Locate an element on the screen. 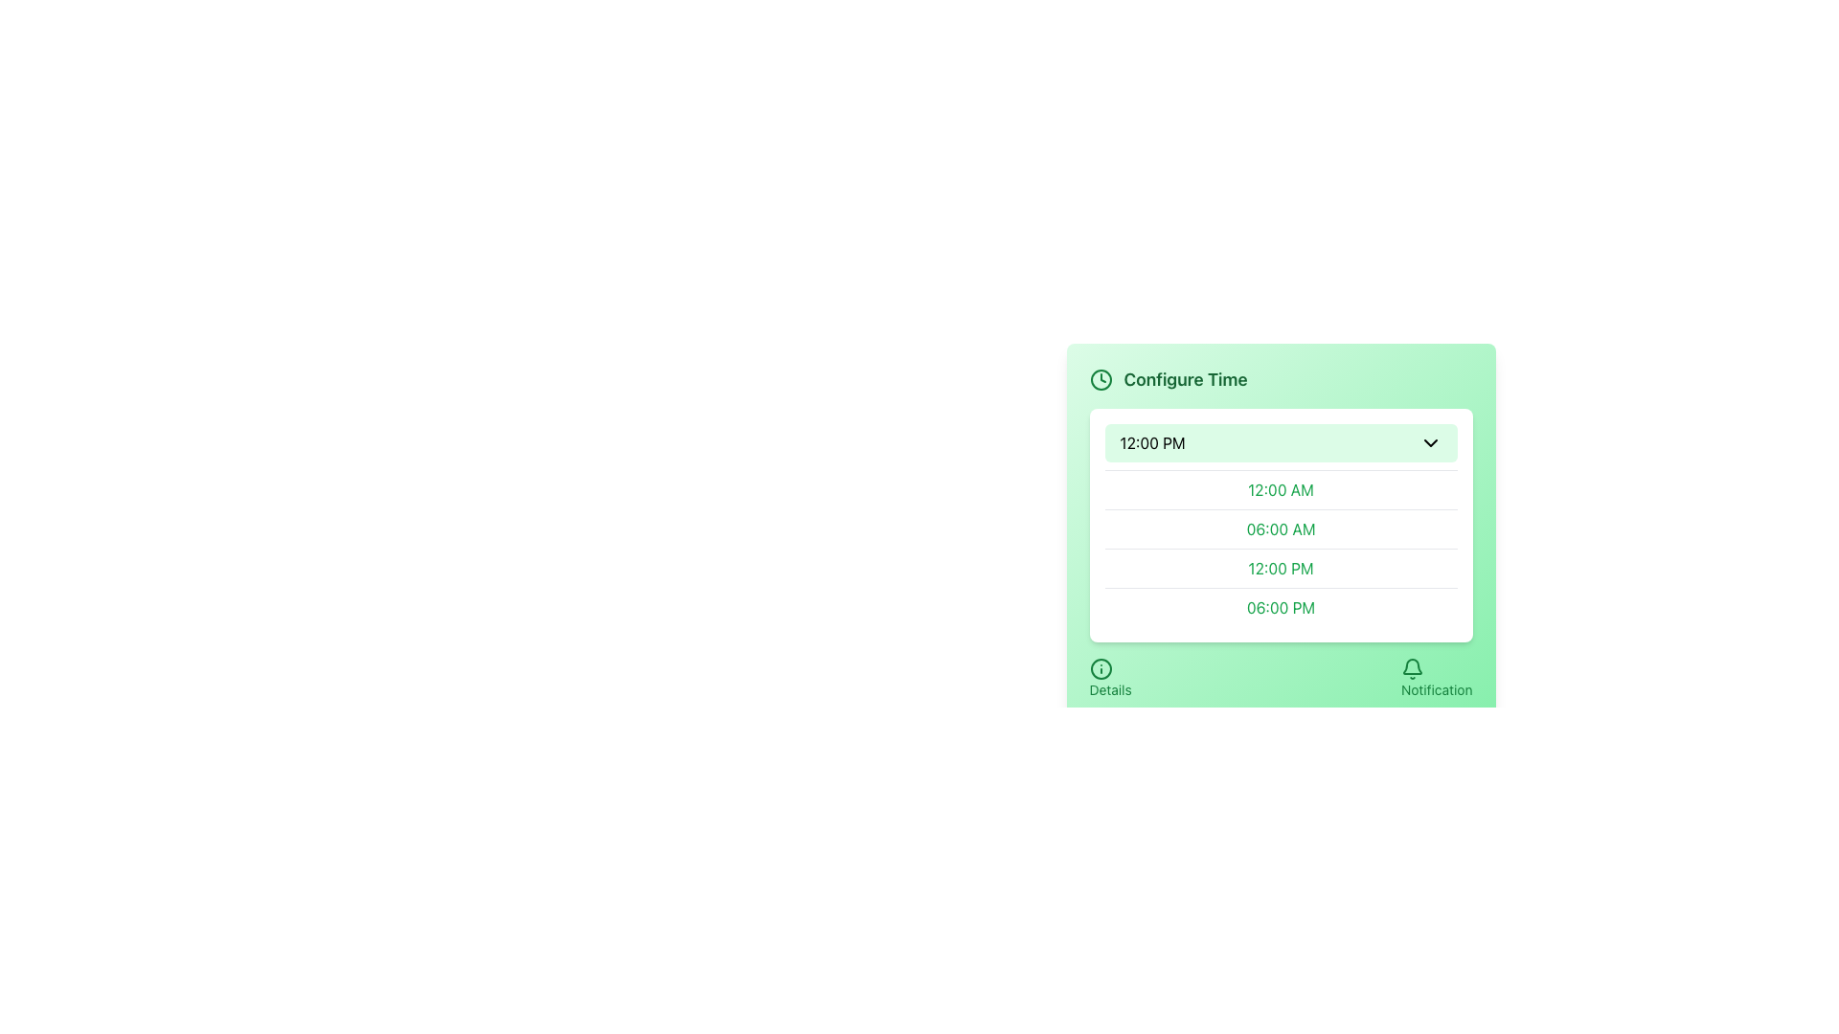 The image size is (1839, 1034). the downwards-pointing chevron icon located adjacent to the right edge of the '12:00 PM' text in the pale green 'Configure Time' card is located at coordinates (1430, 442).